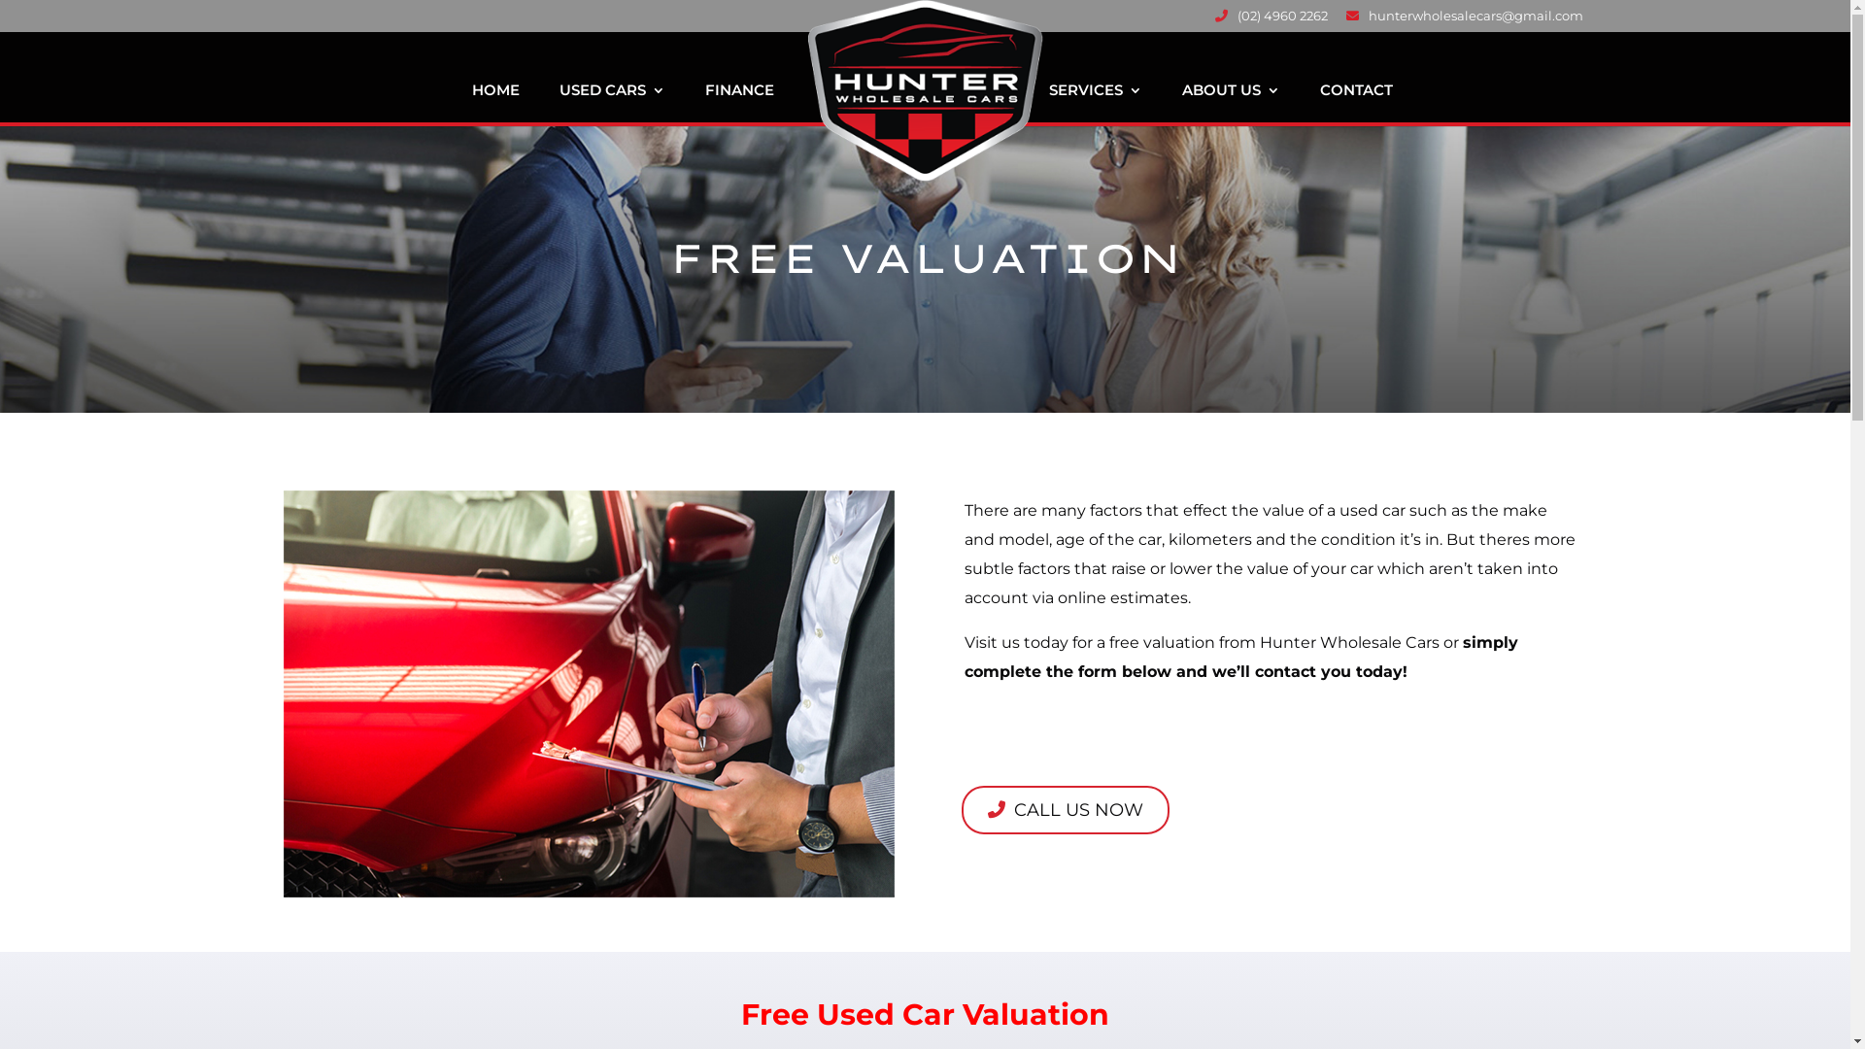 Image resolution: width=1865 pixels, height=1049 pixels. Describe the element at coordinates (1270, 20) in the screenshot. I see `'(02) 4960 2262'` at that location.